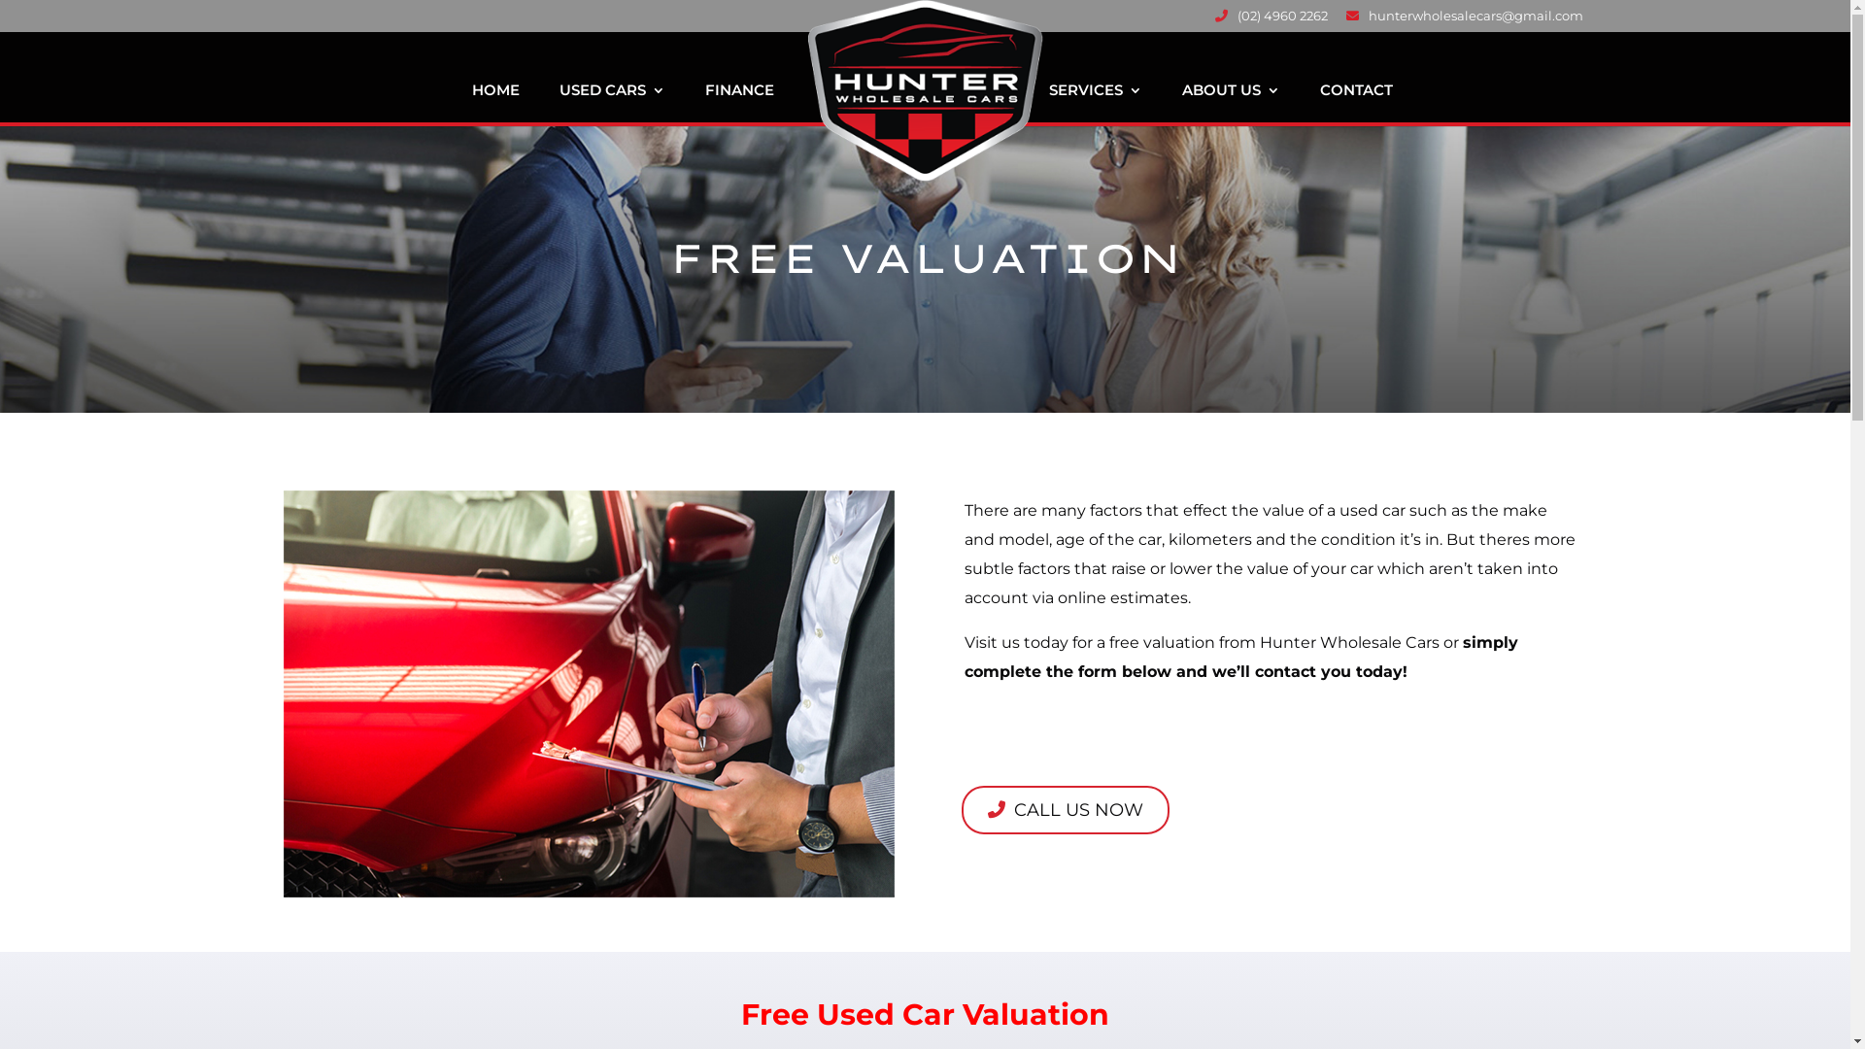 Image resolution: width=1865 pixels, height=1049 pixels. Describe the element at coordinates (1270, 20) in the screenshot. I see `'(02) 4960 2262'` at that location.